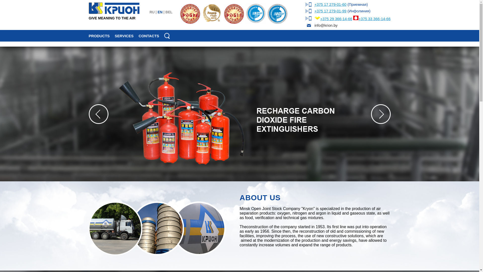  What do you see at coordinates (330, 4) in the screenshot?
I see `'+375 17 279-01-60'` at bounding box center [330, 4].